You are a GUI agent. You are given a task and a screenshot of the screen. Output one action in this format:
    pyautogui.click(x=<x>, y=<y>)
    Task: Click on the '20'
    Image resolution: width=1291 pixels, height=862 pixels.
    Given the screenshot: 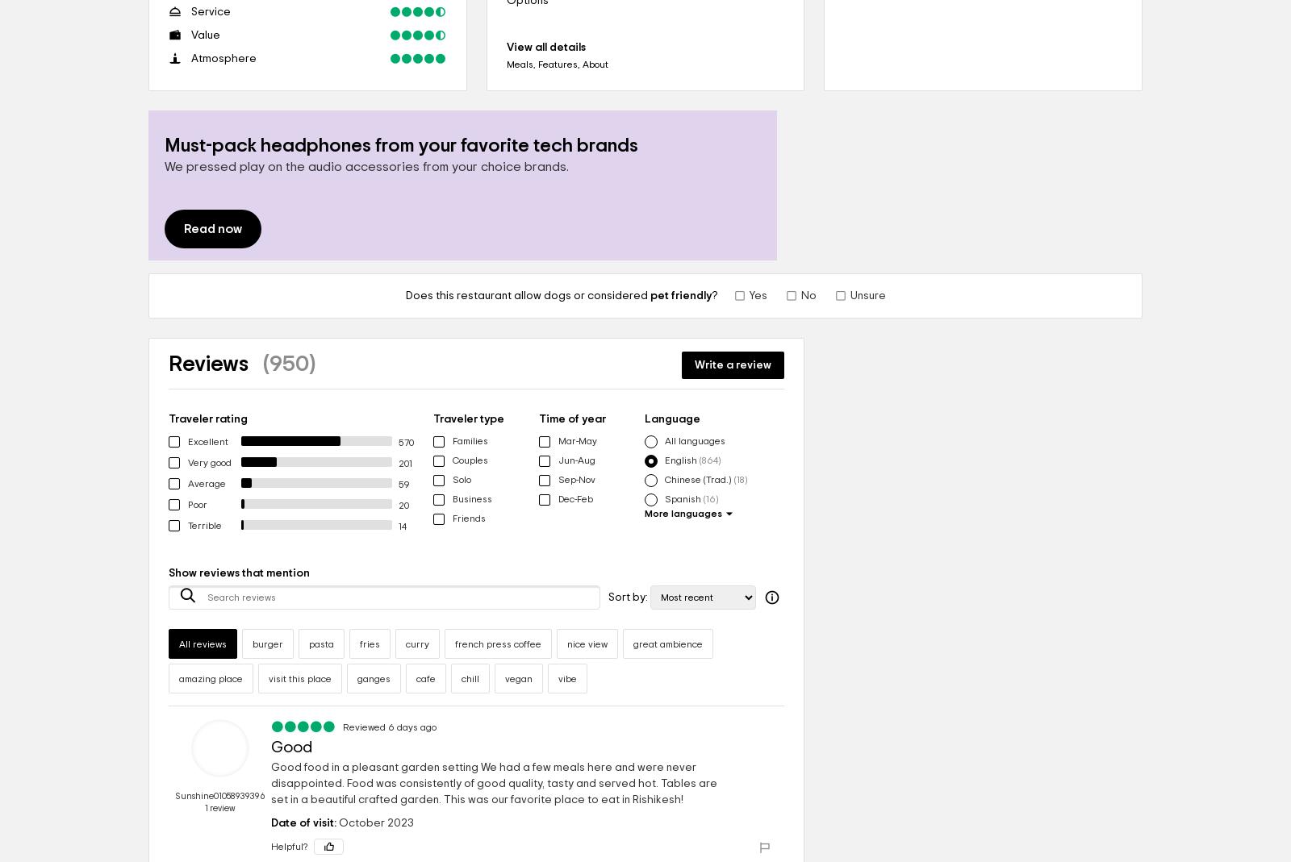 What is the action you would take?
    pyautogui.click(x=398, y=505)
    